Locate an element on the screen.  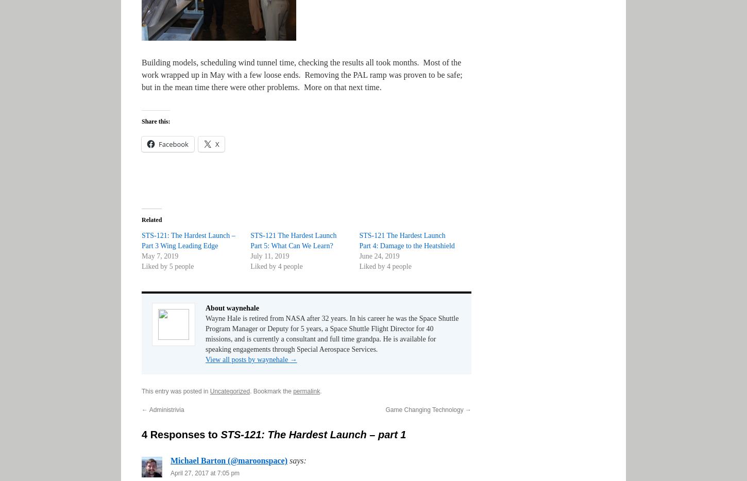
'Facebook' is located at coordinates (173, 144).